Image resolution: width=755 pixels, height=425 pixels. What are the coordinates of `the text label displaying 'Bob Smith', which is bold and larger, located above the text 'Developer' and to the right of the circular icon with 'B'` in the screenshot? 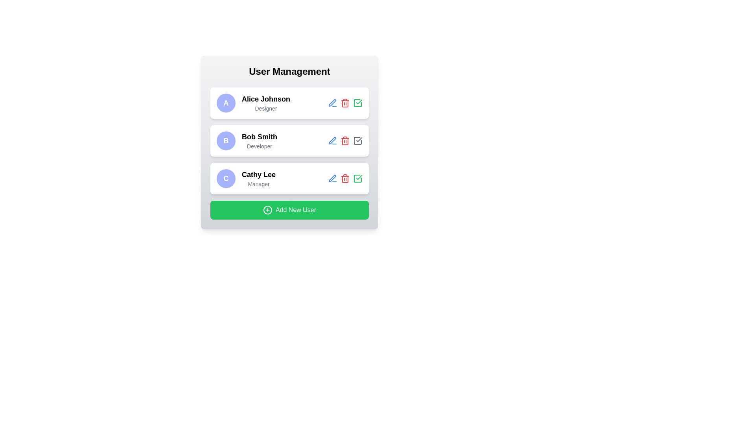 It's located at (260, 136).